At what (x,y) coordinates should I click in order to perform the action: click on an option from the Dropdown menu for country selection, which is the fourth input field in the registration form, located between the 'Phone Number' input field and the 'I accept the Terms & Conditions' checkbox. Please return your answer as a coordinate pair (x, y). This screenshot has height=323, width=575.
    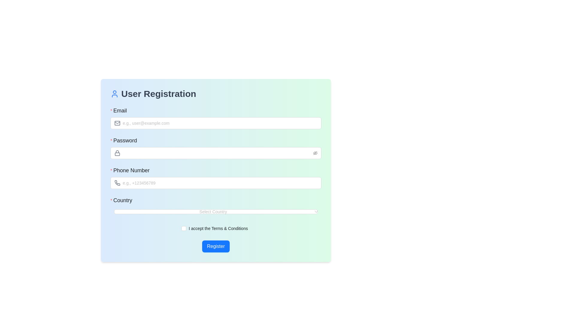
    Looking at the image, I should click on (216, 206).